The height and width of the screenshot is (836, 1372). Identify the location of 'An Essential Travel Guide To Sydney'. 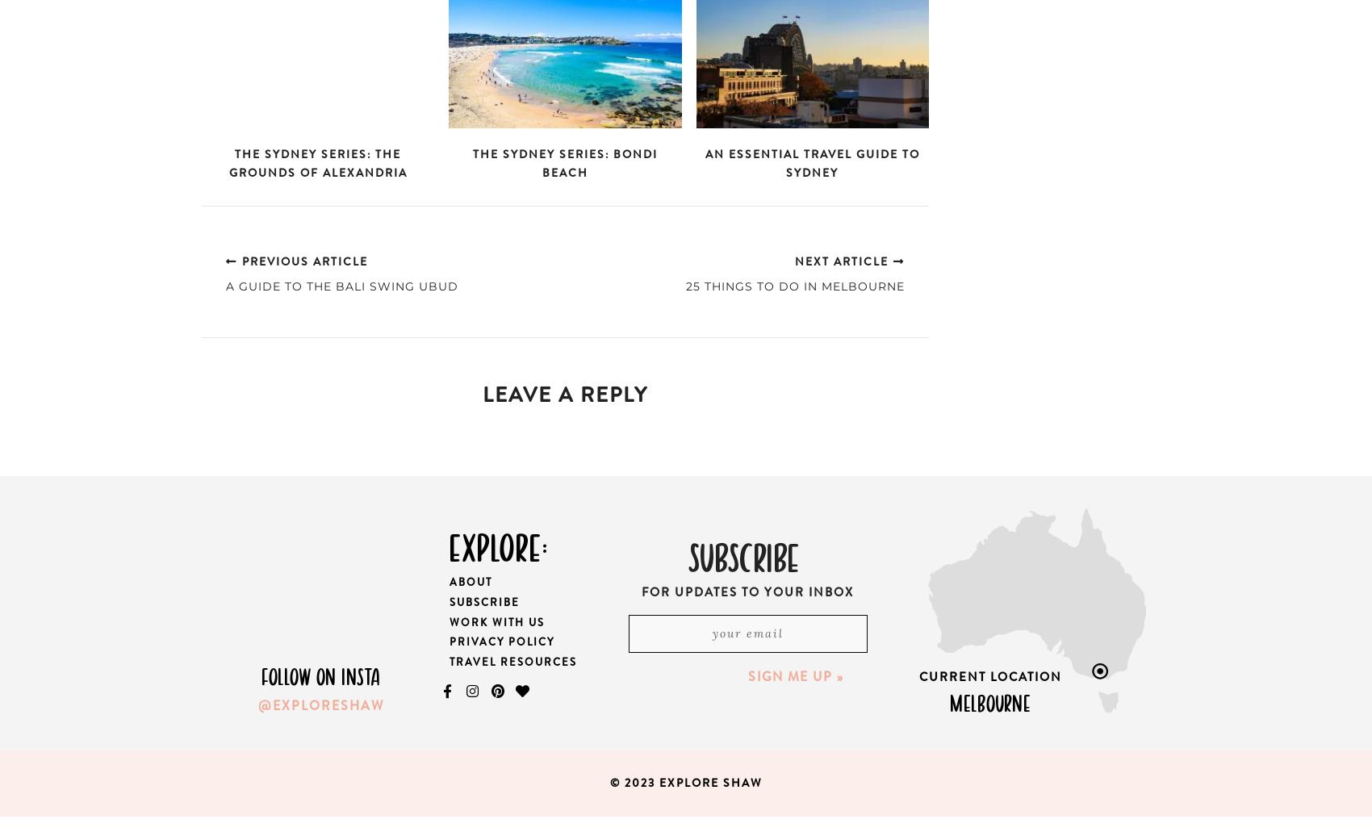
(811, 163).